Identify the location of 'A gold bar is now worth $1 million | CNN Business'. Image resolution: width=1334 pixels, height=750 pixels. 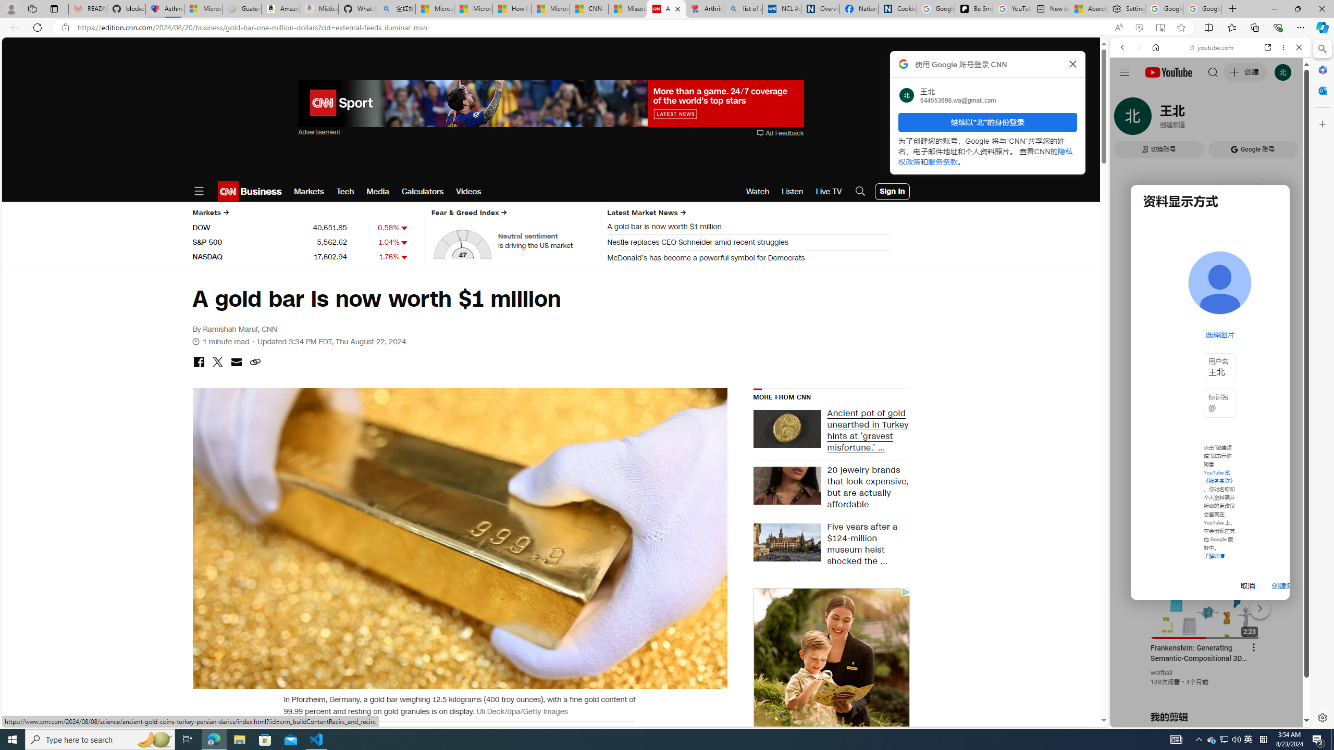
(665, 8).